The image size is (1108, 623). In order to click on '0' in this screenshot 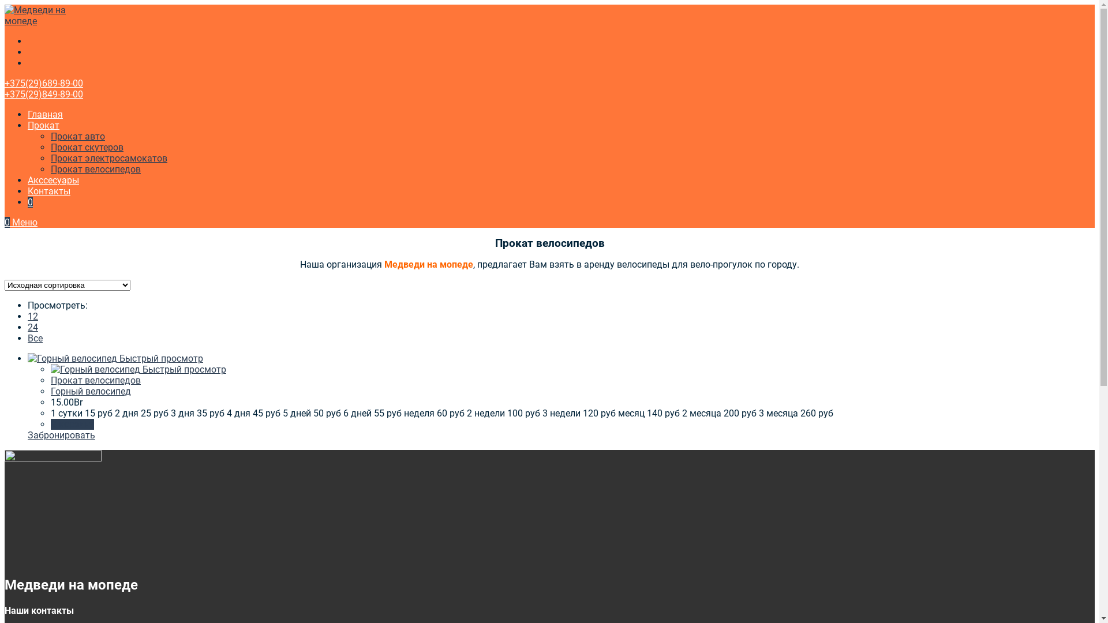, I will do `click(30, 201)`.